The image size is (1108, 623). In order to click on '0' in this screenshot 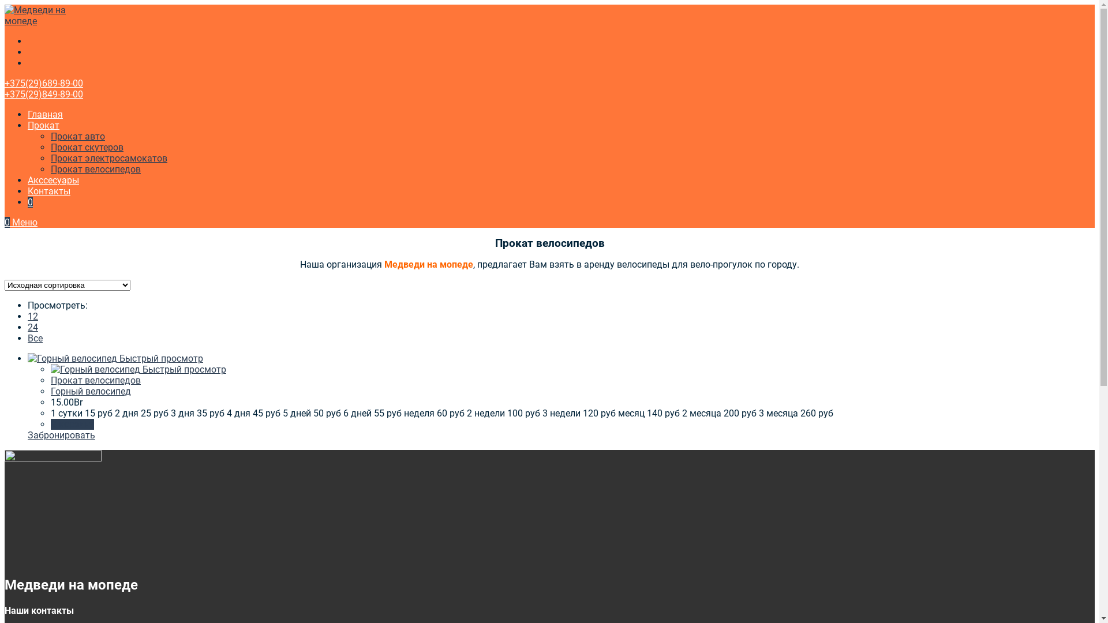, I will do `click(30, 201)`.